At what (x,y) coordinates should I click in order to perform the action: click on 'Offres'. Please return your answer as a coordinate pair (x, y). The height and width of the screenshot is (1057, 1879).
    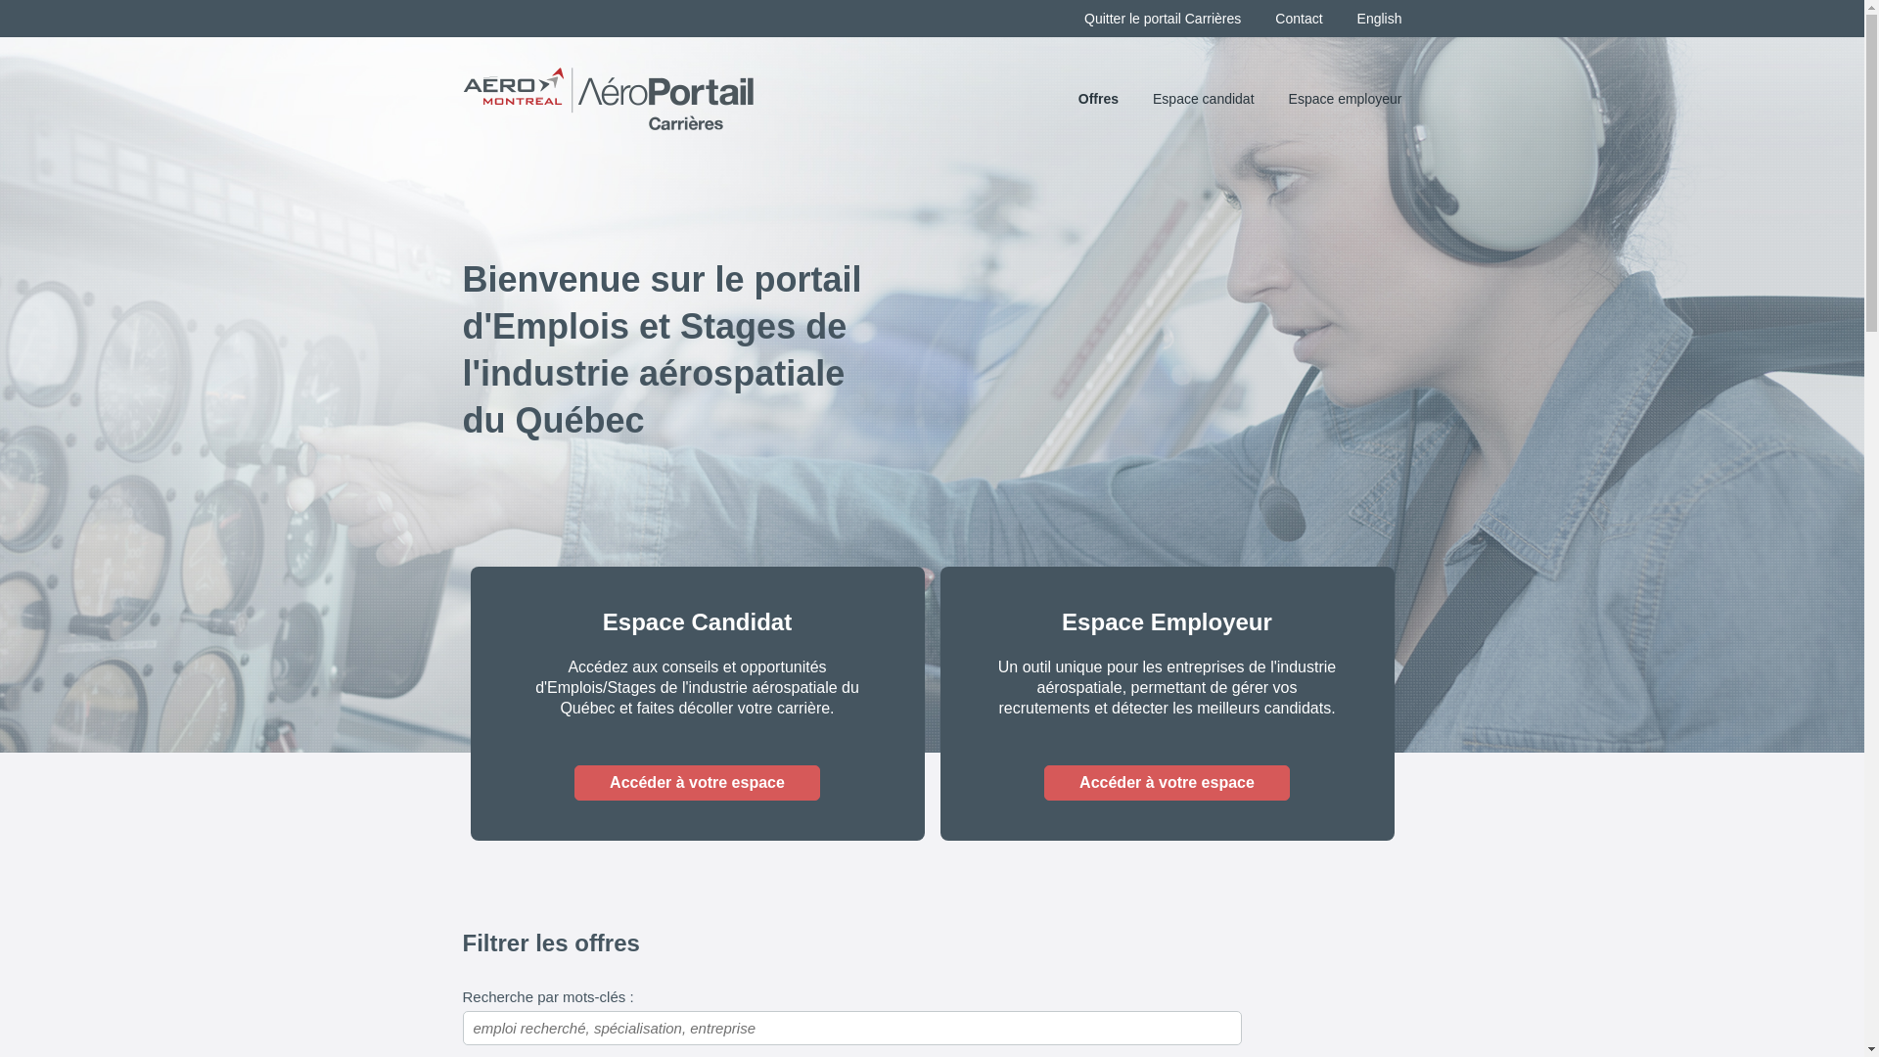
    Looking at the image, I should click on (1098, 98).